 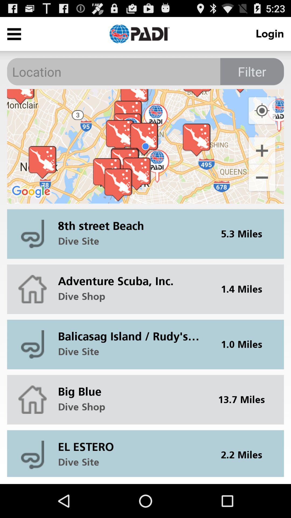 What do you see at coordinates (245, 453) in the screenshot?
I see `item next to el estero` at bounding box center [245, 453].